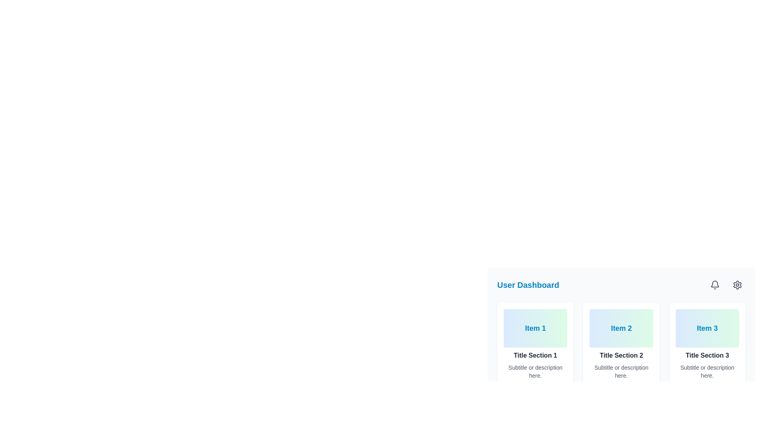 This screenshot has height=433, width=770. I want to click on the settings icon located at the top-right corner of the interface, so click(737, 284).